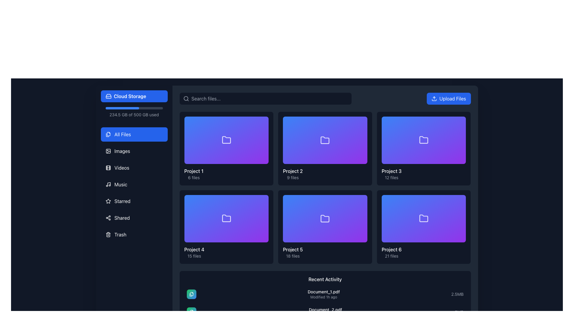  Describe the element at coordinates (134, 112) in the screenshot. I see `the progress indicator with descriptive text that shows '234.5 GB of 500 GB used', located in the left panel below the 'Cloud Storage' label` at that location.